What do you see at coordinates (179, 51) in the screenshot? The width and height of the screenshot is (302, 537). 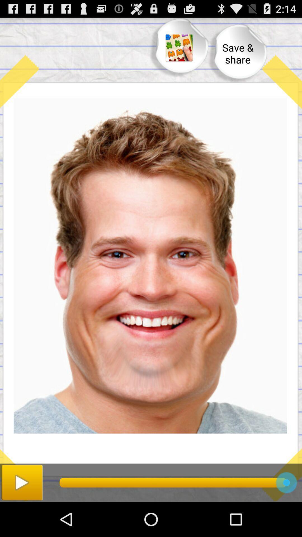 I see `the date_range icon` at bounding box center [179, 51].